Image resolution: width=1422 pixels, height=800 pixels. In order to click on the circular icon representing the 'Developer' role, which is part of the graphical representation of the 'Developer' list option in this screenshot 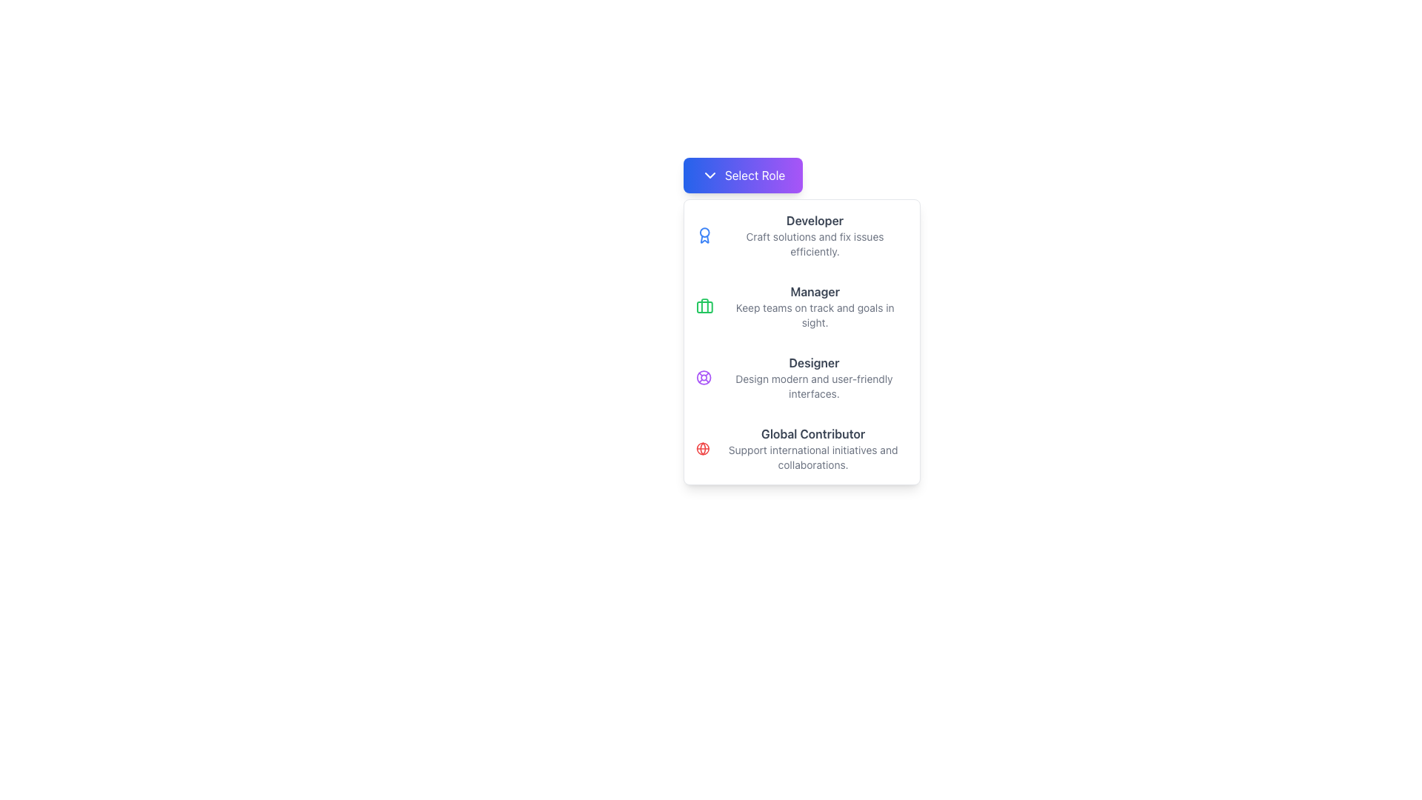, I will do `click(704, 233)`.